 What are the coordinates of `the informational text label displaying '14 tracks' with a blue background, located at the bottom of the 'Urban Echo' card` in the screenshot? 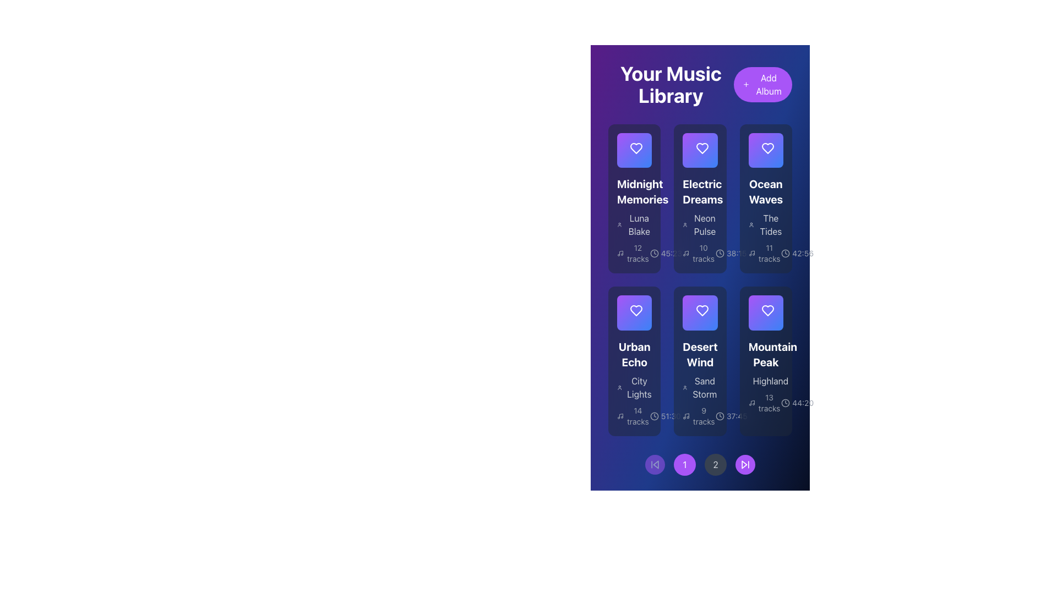 It's located at (638, 416).